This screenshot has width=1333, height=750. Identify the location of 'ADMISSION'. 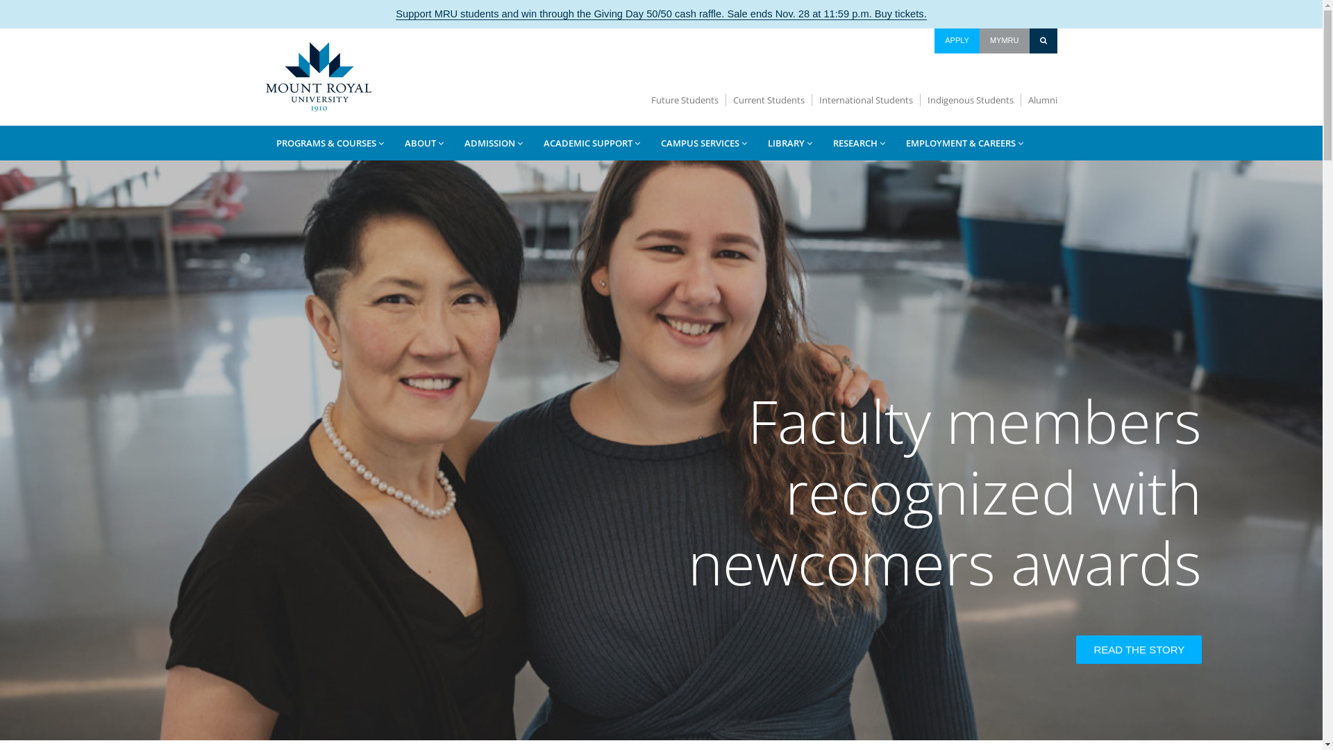
(493, 142).